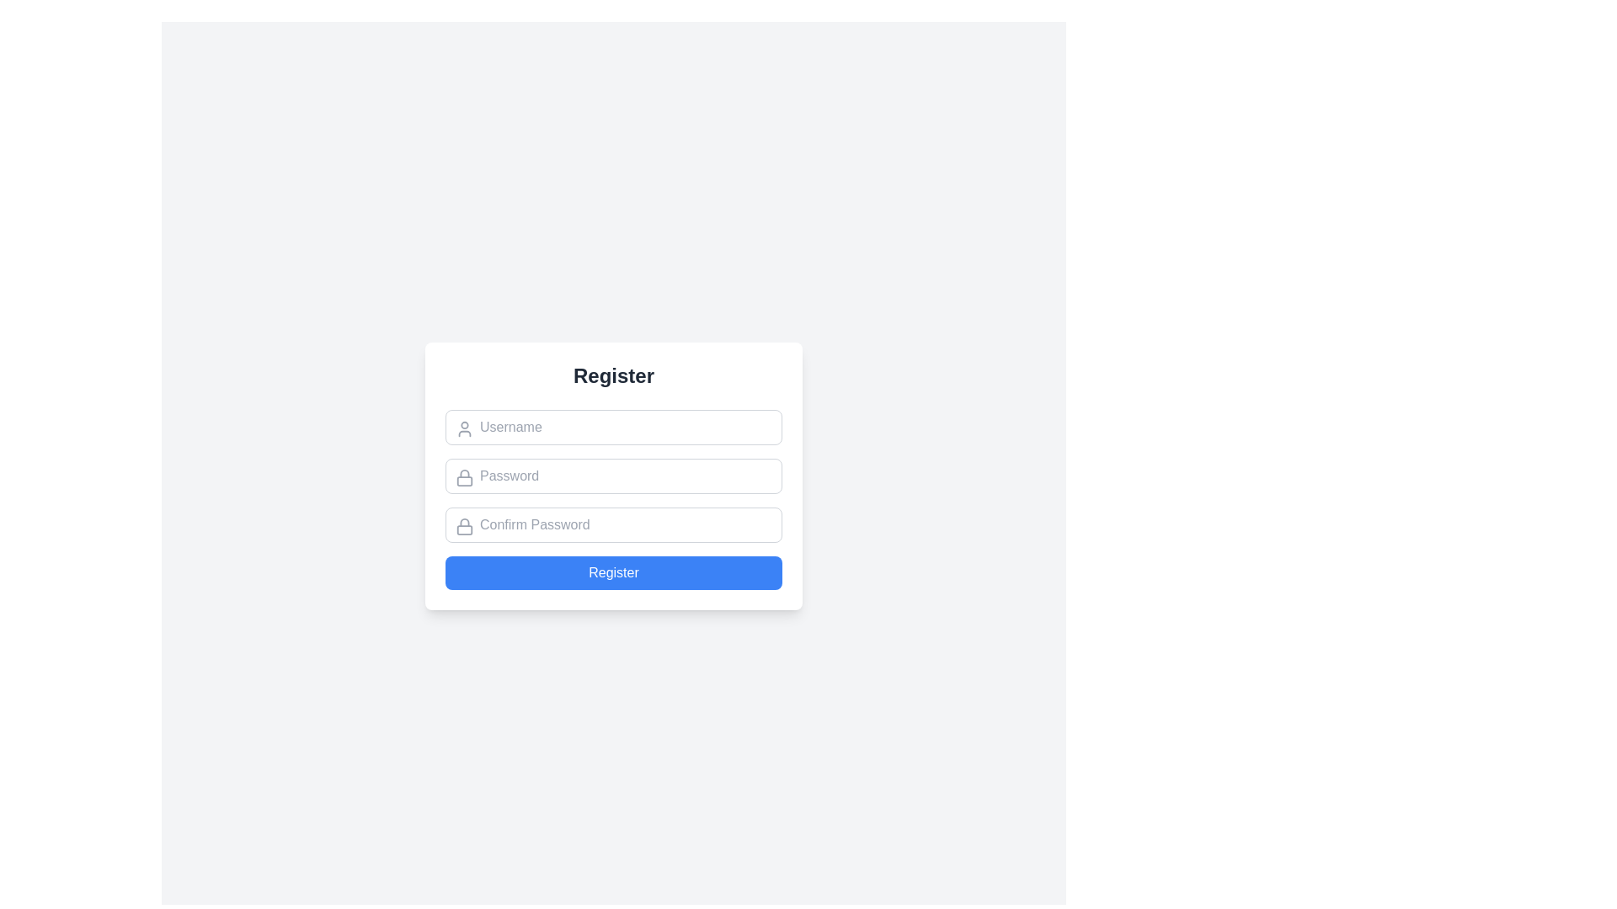  Describe the element at coordinates (465, 529) in the screenshot. I see `the SVG rectangle graphic that visually represents the body of the lock symbol in the 'Confirm Password' field within the user registration form` at that location.